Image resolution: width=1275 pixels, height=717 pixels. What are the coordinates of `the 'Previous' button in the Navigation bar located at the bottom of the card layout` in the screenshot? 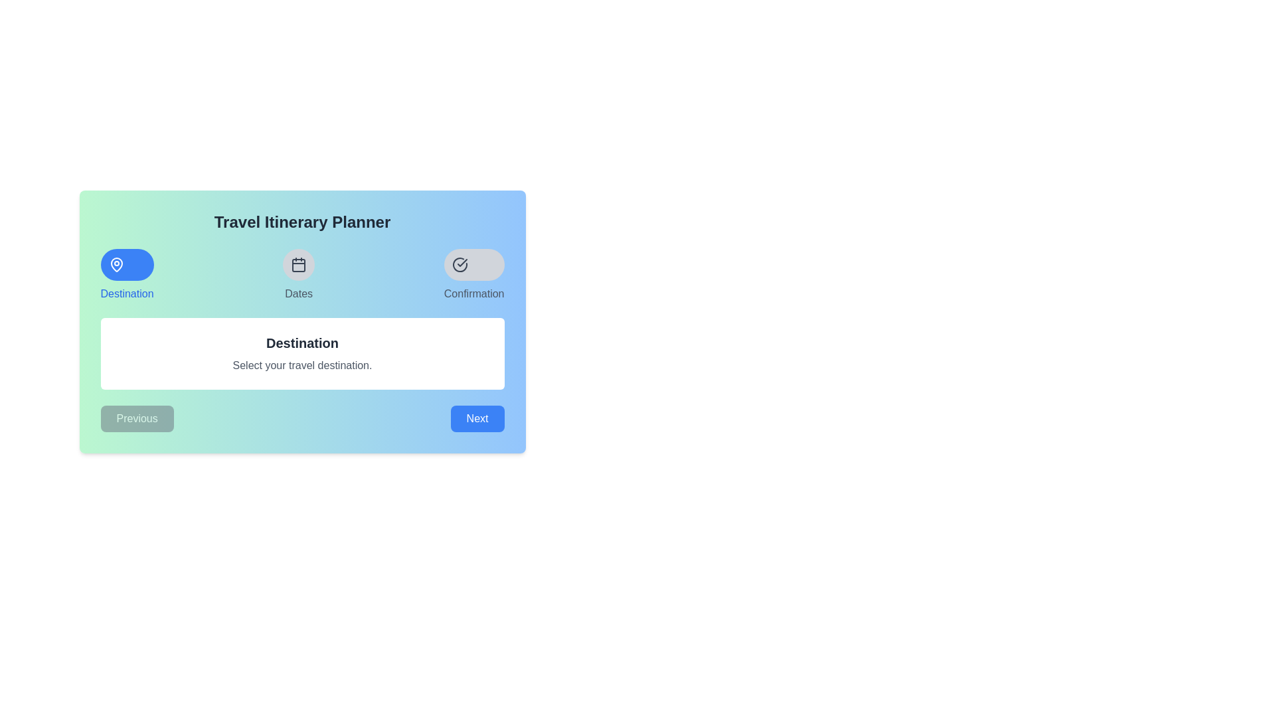 It's located at (301, 419).